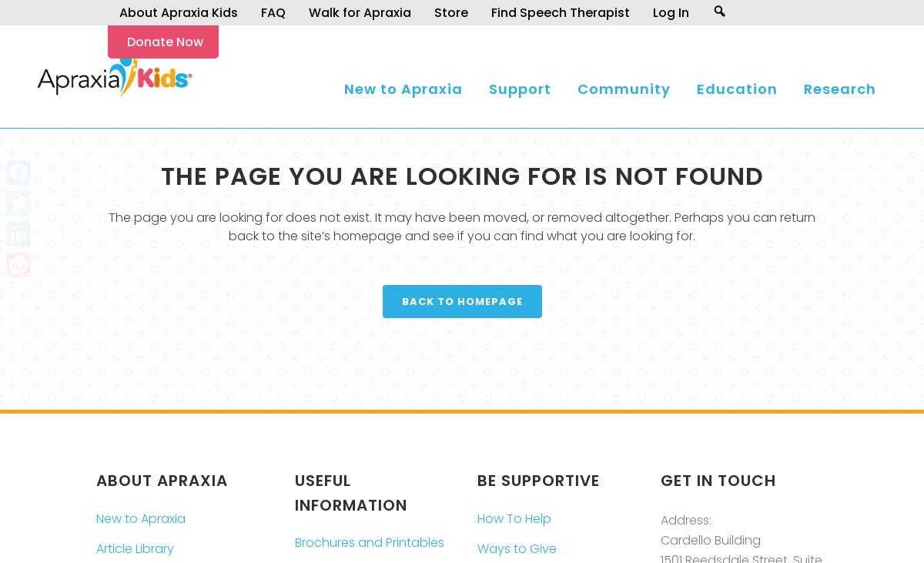 Image resolution: width=924 pixels, height=563 pixels. Describe the element at coordinates (161, 480) in the screenshot. I see `'About Apraxia'` at that location.